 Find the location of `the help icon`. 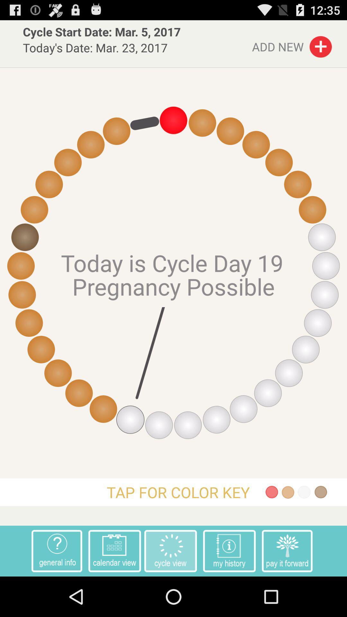

the help icon is located at coordinates (57, 590).